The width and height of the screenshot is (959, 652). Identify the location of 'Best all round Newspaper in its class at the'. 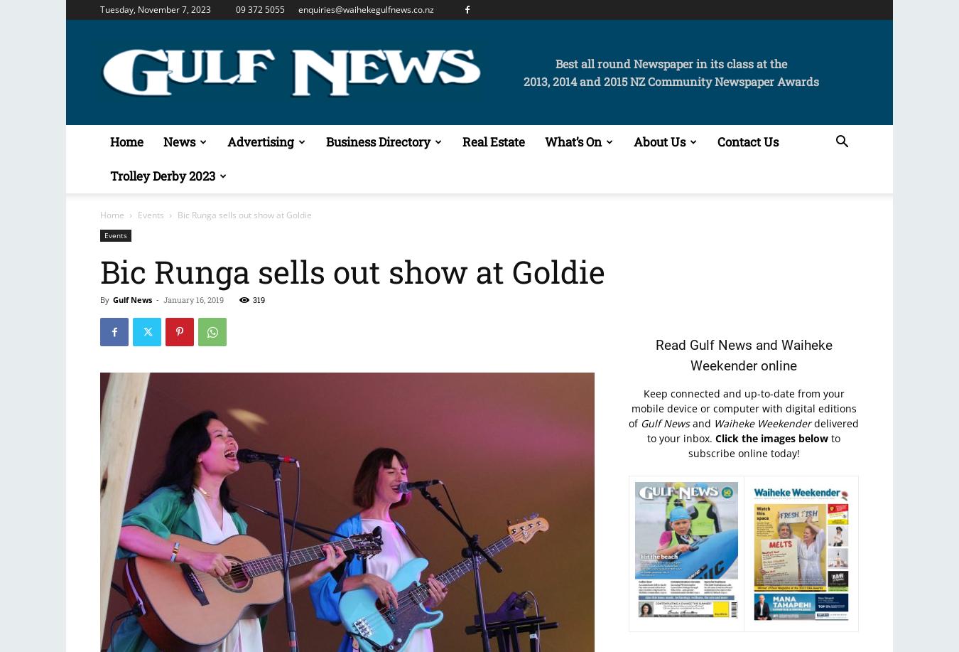
(670, 63).